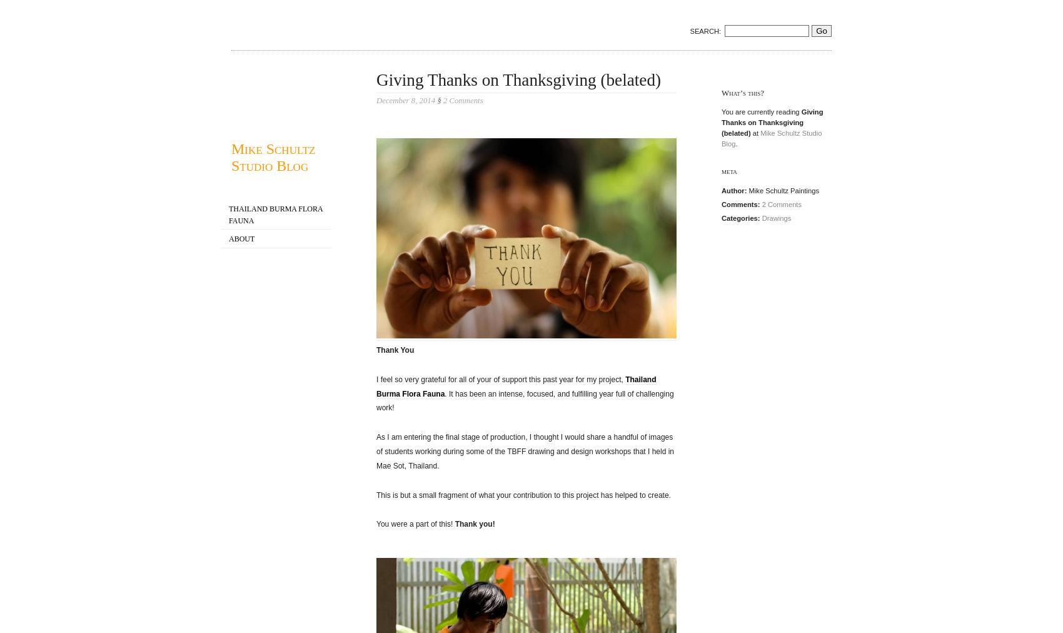 Image resolution: width=1063 pixels, height=633 pixels. I want to click on 'December 8, 2014', so click(406, 101).